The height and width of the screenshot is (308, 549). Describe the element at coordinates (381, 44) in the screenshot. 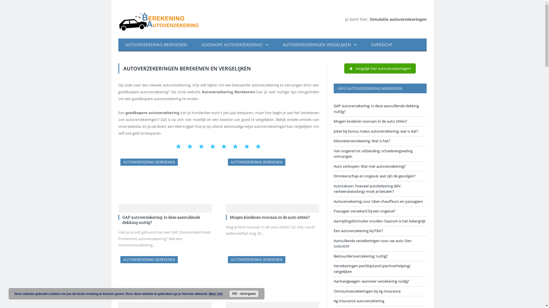

I see `'OVERZICHT'` at that location.